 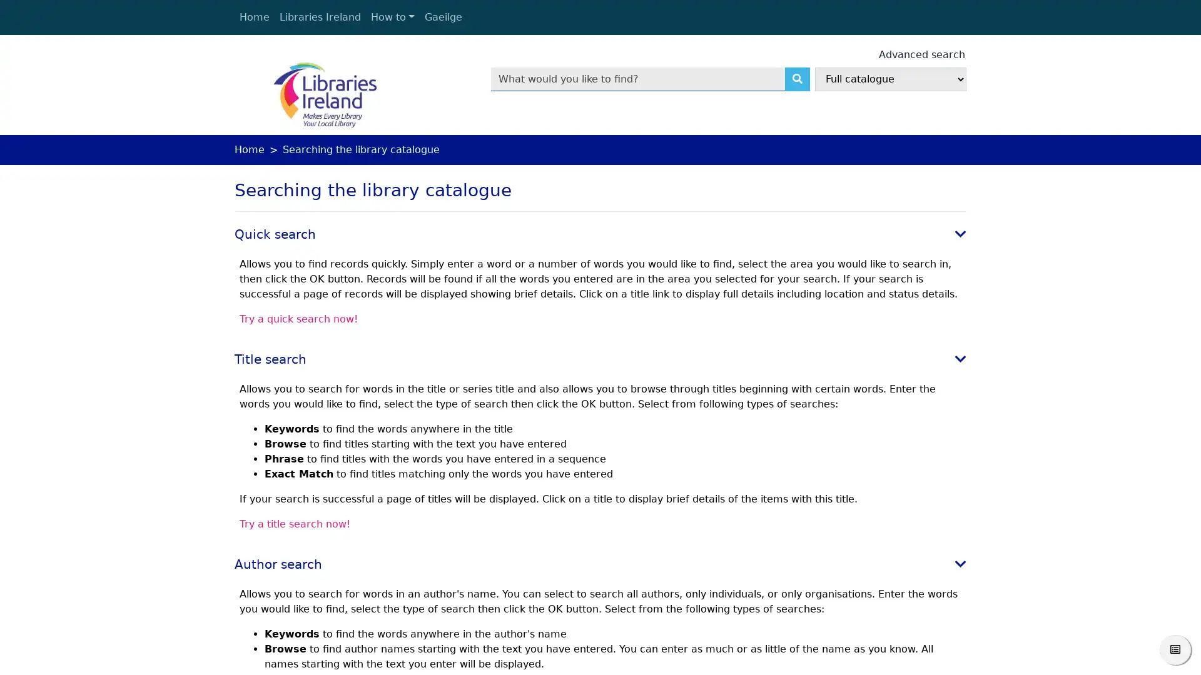 I want to click on Quick search, so click(x=600, y=234).